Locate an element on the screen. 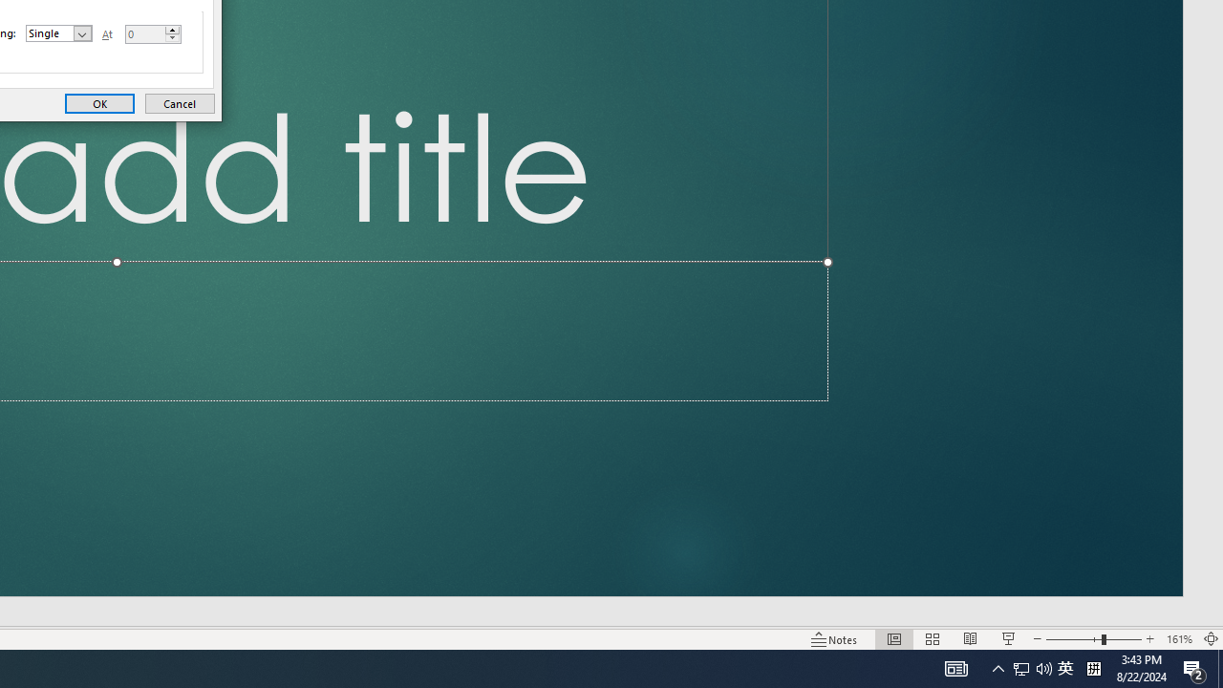 Image resolution: width=1223 pixels, height=688 pixels. 'Action Center, 2 new notifications' is located at coordinates (1194, 667).